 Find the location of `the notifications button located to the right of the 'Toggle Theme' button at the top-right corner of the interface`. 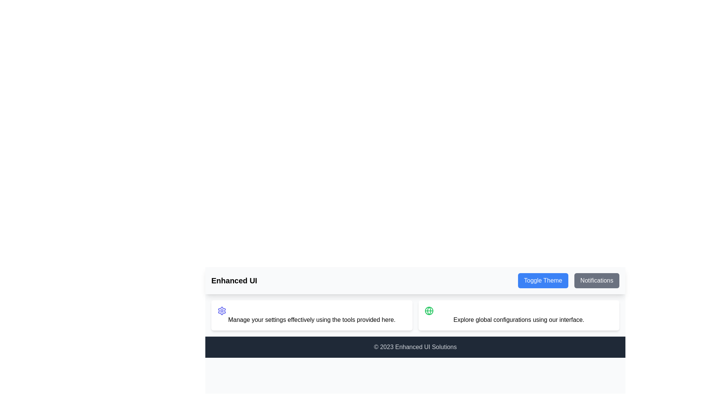

the notifications button located to the right of the 'Toggle Theme' button at the top-right corner of the interface is located at coordinates (596, 281).